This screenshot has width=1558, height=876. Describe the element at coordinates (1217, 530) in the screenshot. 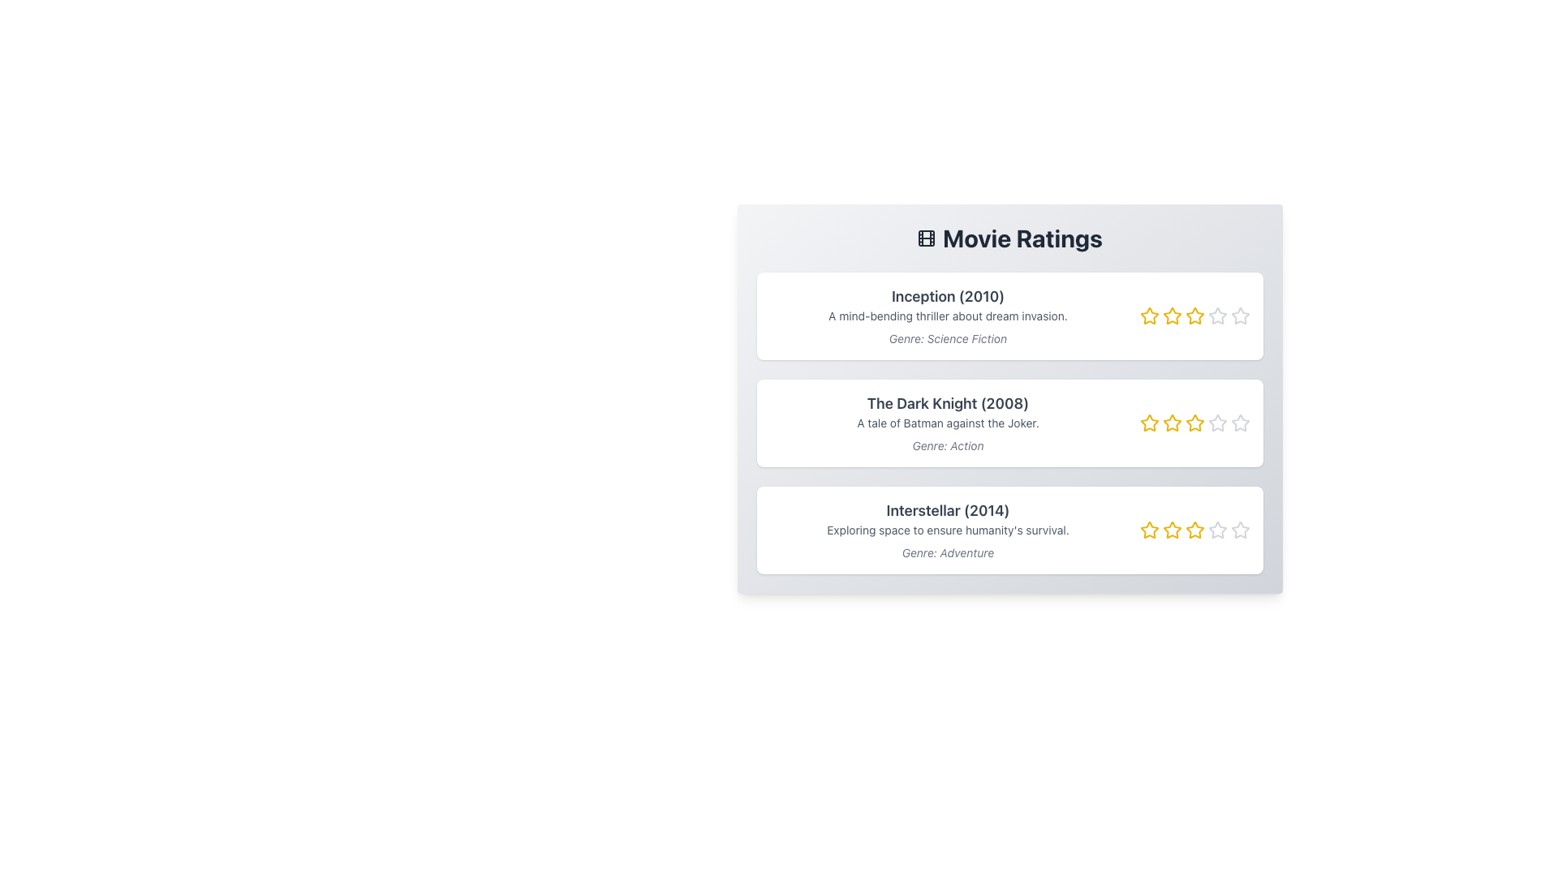

I see `the fifth star icon in the rating system for the movie 'Interstellar (2014)'` at that location.